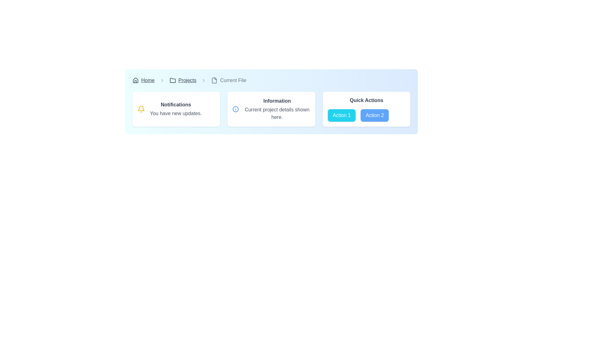 Image resolution: width=600 pixels, height=337 pixels. What do you see at coordinates (235, 109) in the screenshot?
I see `the circular information icon with a blue outline, featuring an 'i' symbol in the center, located near the left edge of the 'Information' card` at bounding box center [235, 109].